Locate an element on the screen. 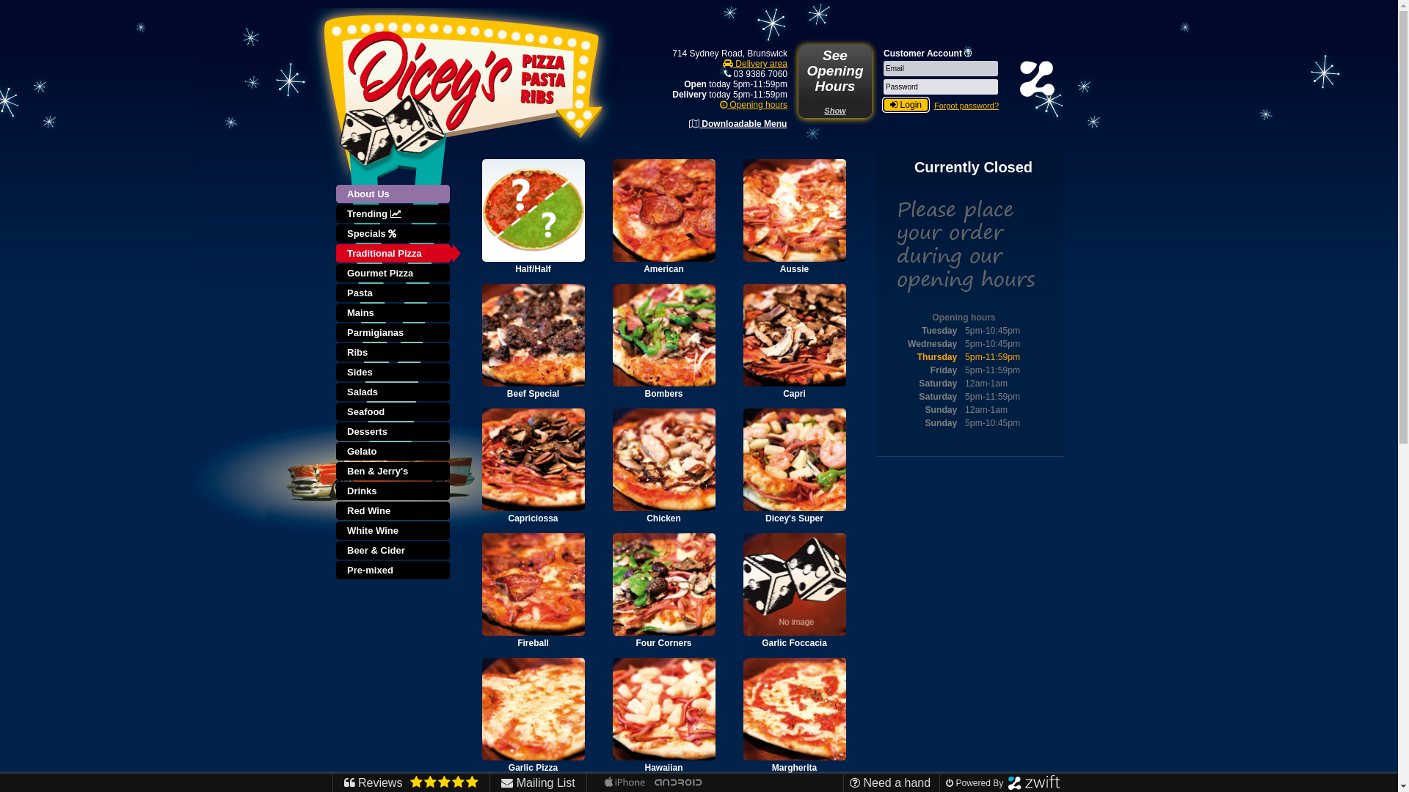 The image size is (1409, 792). 'Sides' is located at coordinates (394, 372).